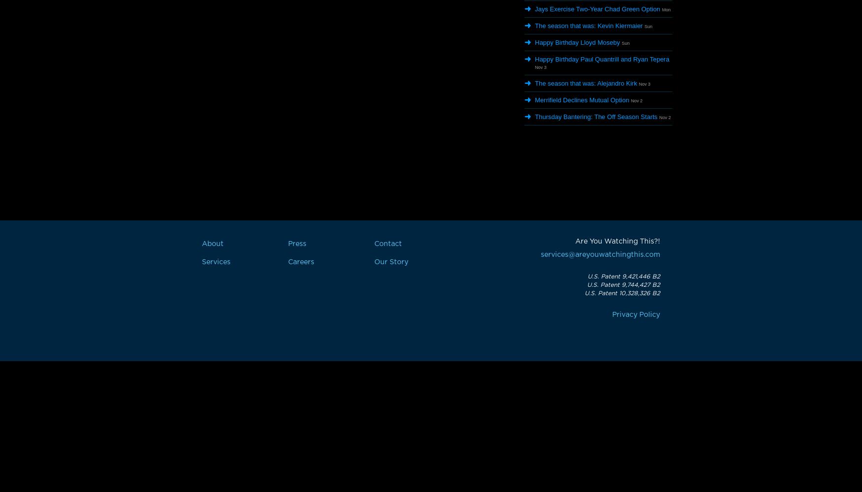 The height and width of the screenshot is (492, 862). What do you see at coordinates (297, 244) in the screenshot?
I see `'Press'` at bounding box center [297, 244].